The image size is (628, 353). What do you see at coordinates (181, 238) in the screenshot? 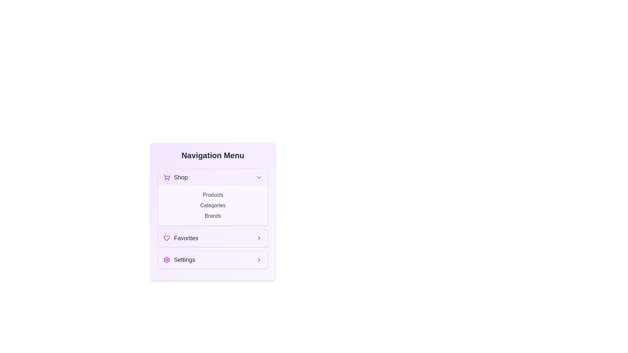
I see `the purple outline heart icon next to the 'Favorites' text in the vertical navigation menu` at bounding box center [181, 238].